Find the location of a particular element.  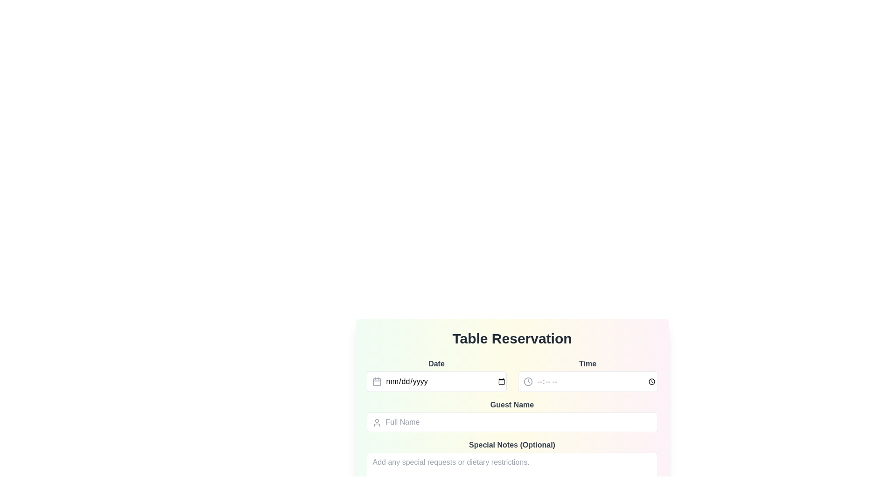

the composite input element containing a date picker and a time picker, located below the title 'Table Reservation' is located at coordinates (511, 374).